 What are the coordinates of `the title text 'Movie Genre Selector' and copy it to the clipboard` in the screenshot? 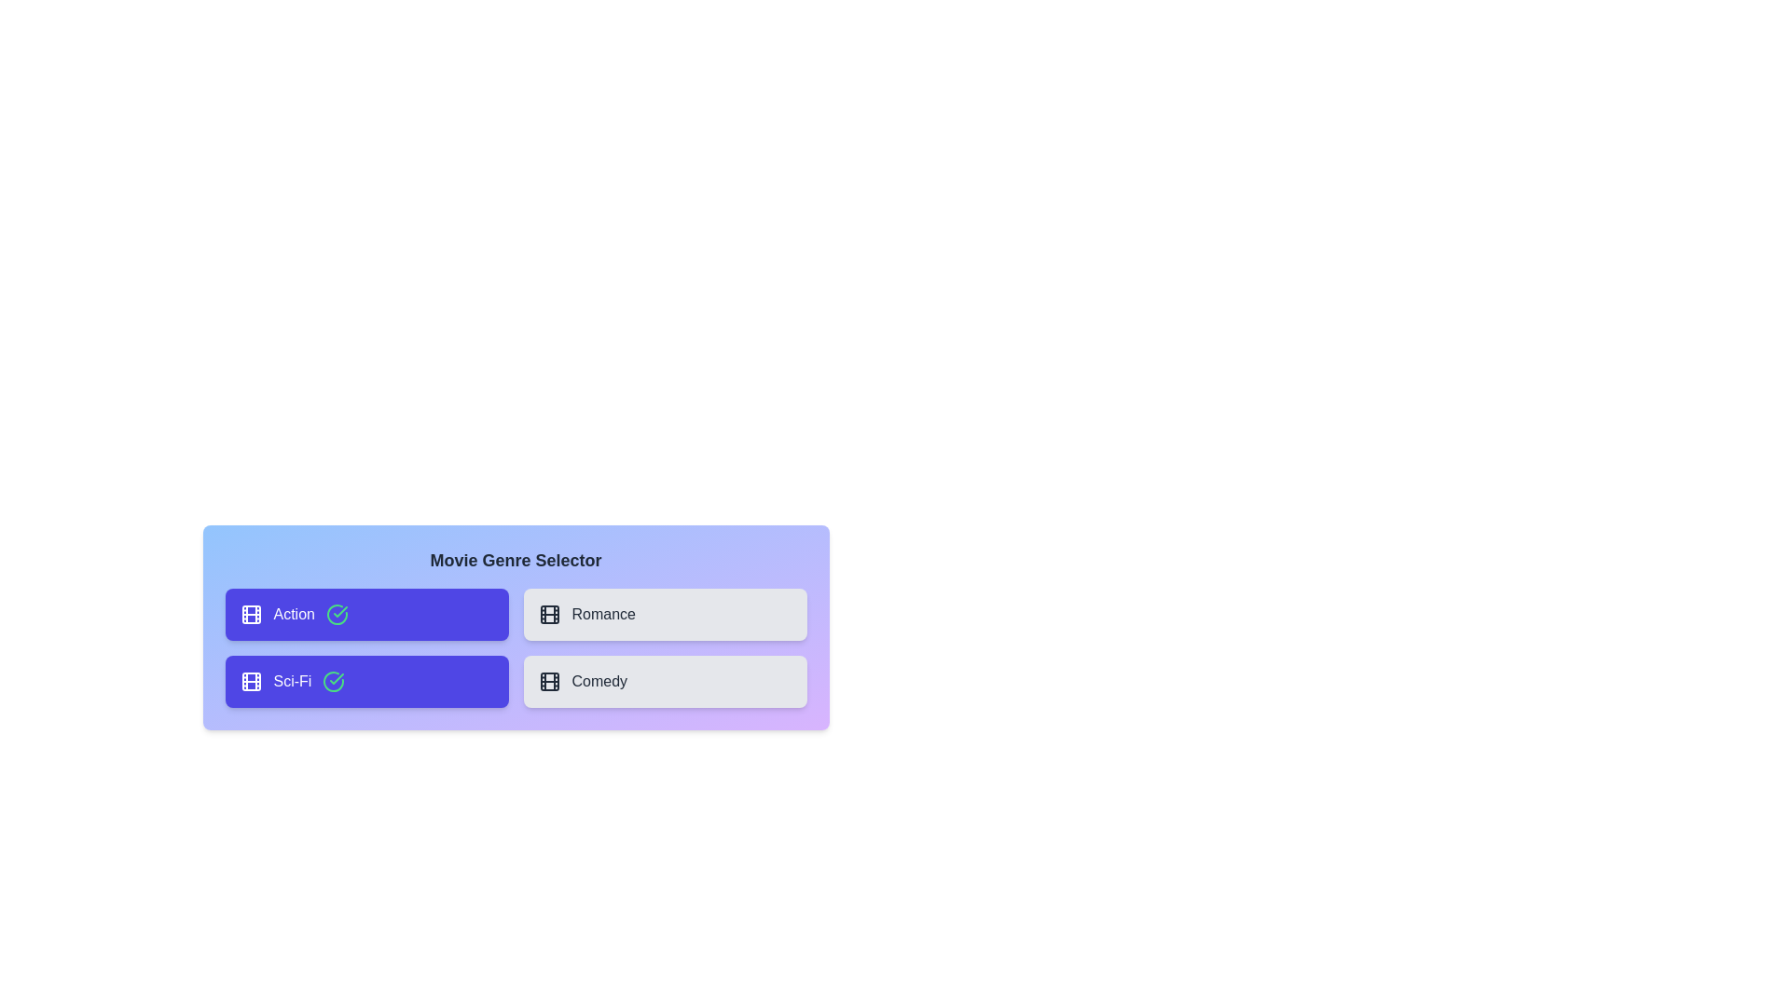 It's located at (516, 559).